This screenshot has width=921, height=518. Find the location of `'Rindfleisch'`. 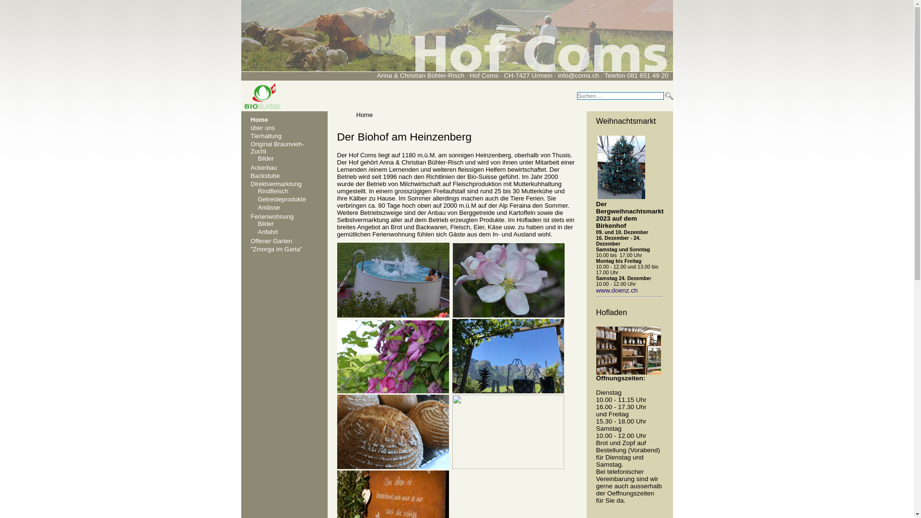

'Rindfleisch' is located at coordinates (273, 191).